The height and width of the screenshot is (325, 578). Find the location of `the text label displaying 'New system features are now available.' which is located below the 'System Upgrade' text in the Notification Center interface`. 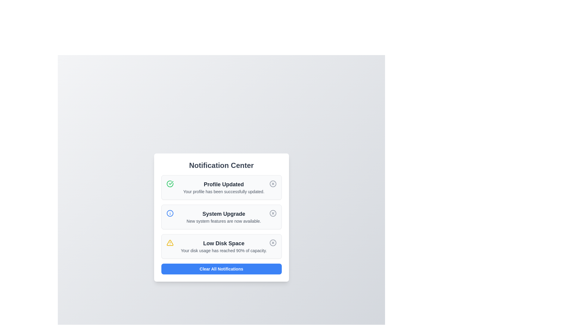

the text label displaying 'New system features are now available.' which is located below the 'System Upgrade' text in the Notification Center interface is located at coordinates (223, 221).